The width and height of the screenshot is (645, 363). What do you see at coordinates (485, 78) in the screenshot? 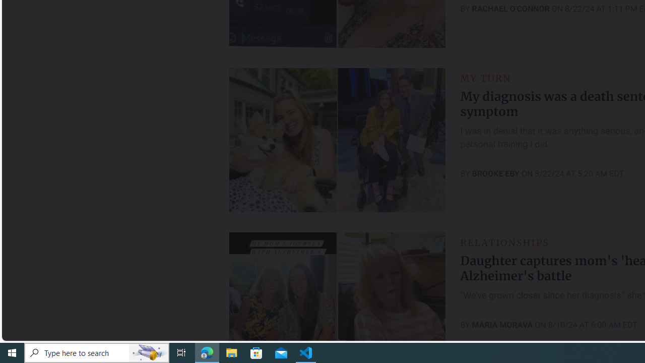
I see `'MY TURN'` at bounding box center [485, 78].